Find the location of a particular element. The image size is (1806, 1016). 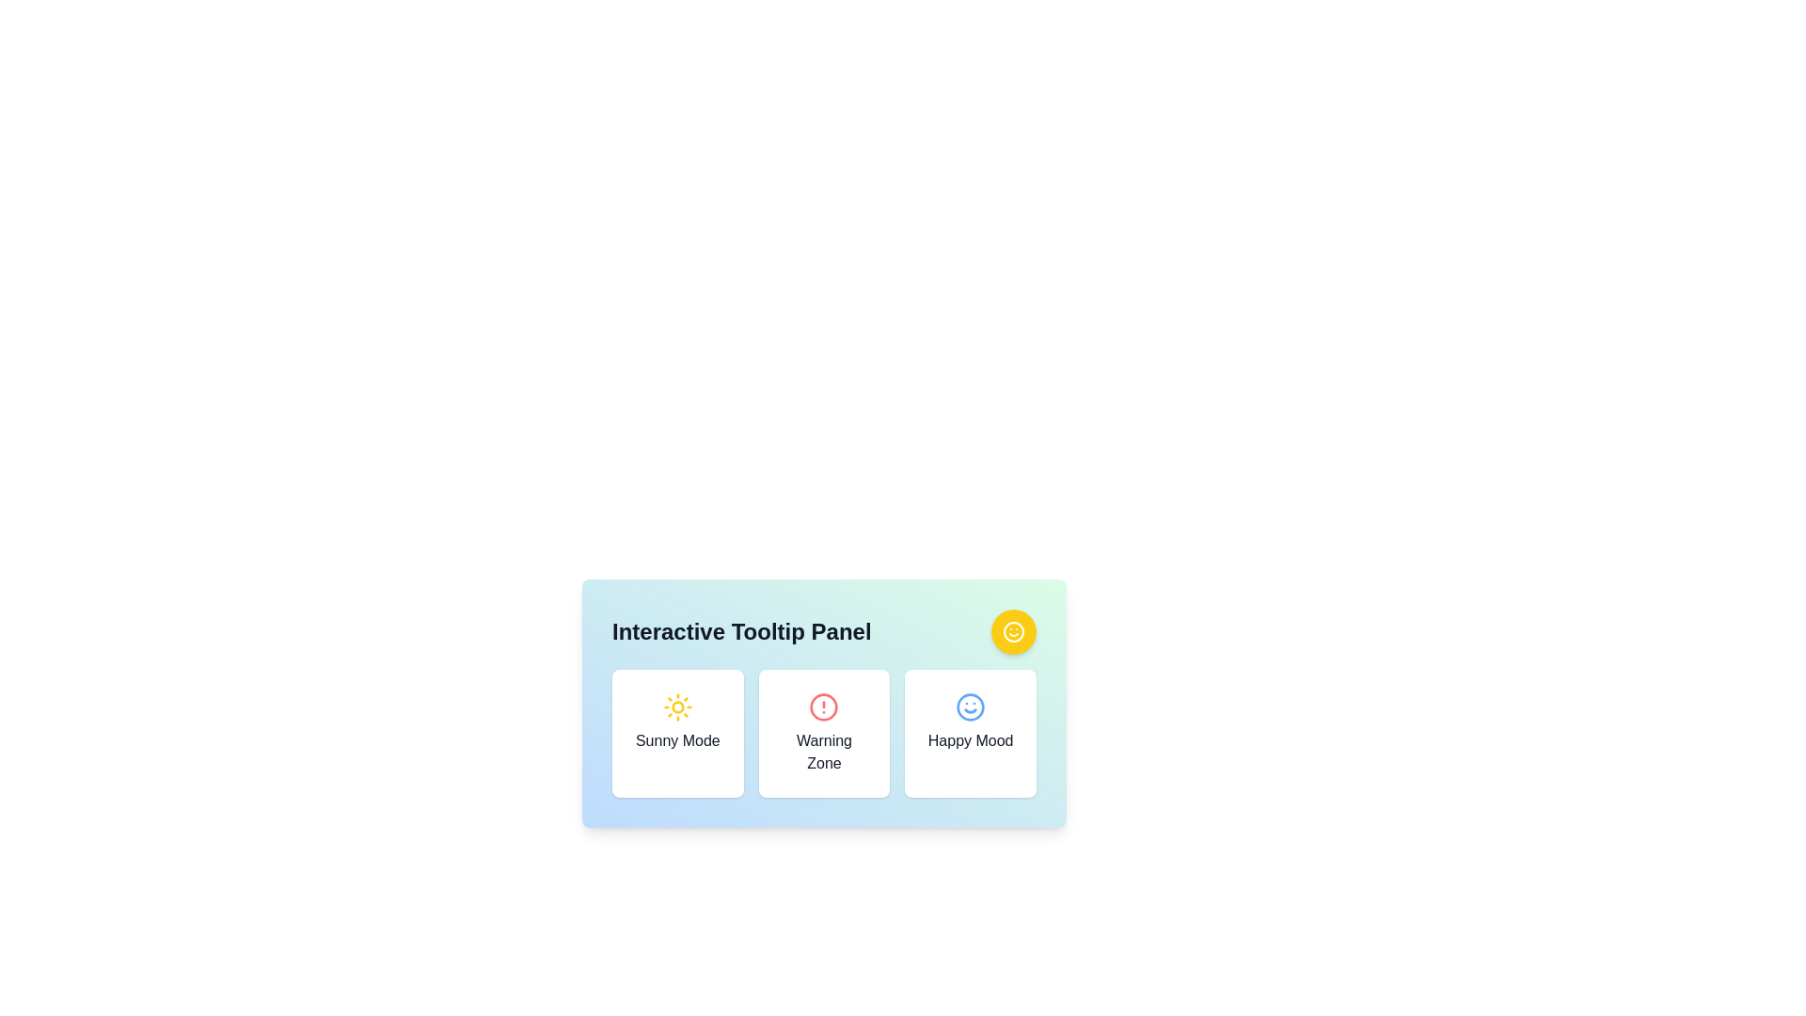

the SVG circle element representing a smiling face located in the top-right corner of the 'Interactive Tooltip Panel', adjacent to the orange square with an envelope shape is located at coordinates (1013, 631).